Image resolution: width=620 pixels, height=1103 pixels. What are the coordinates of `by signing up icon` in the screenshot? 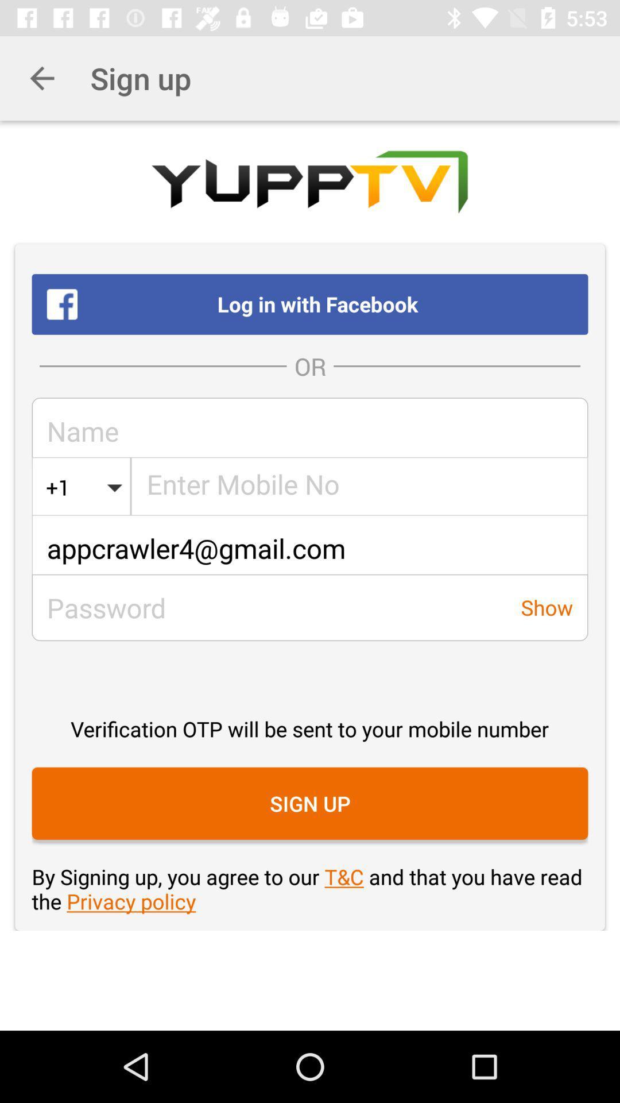 It's located at (310, 888).